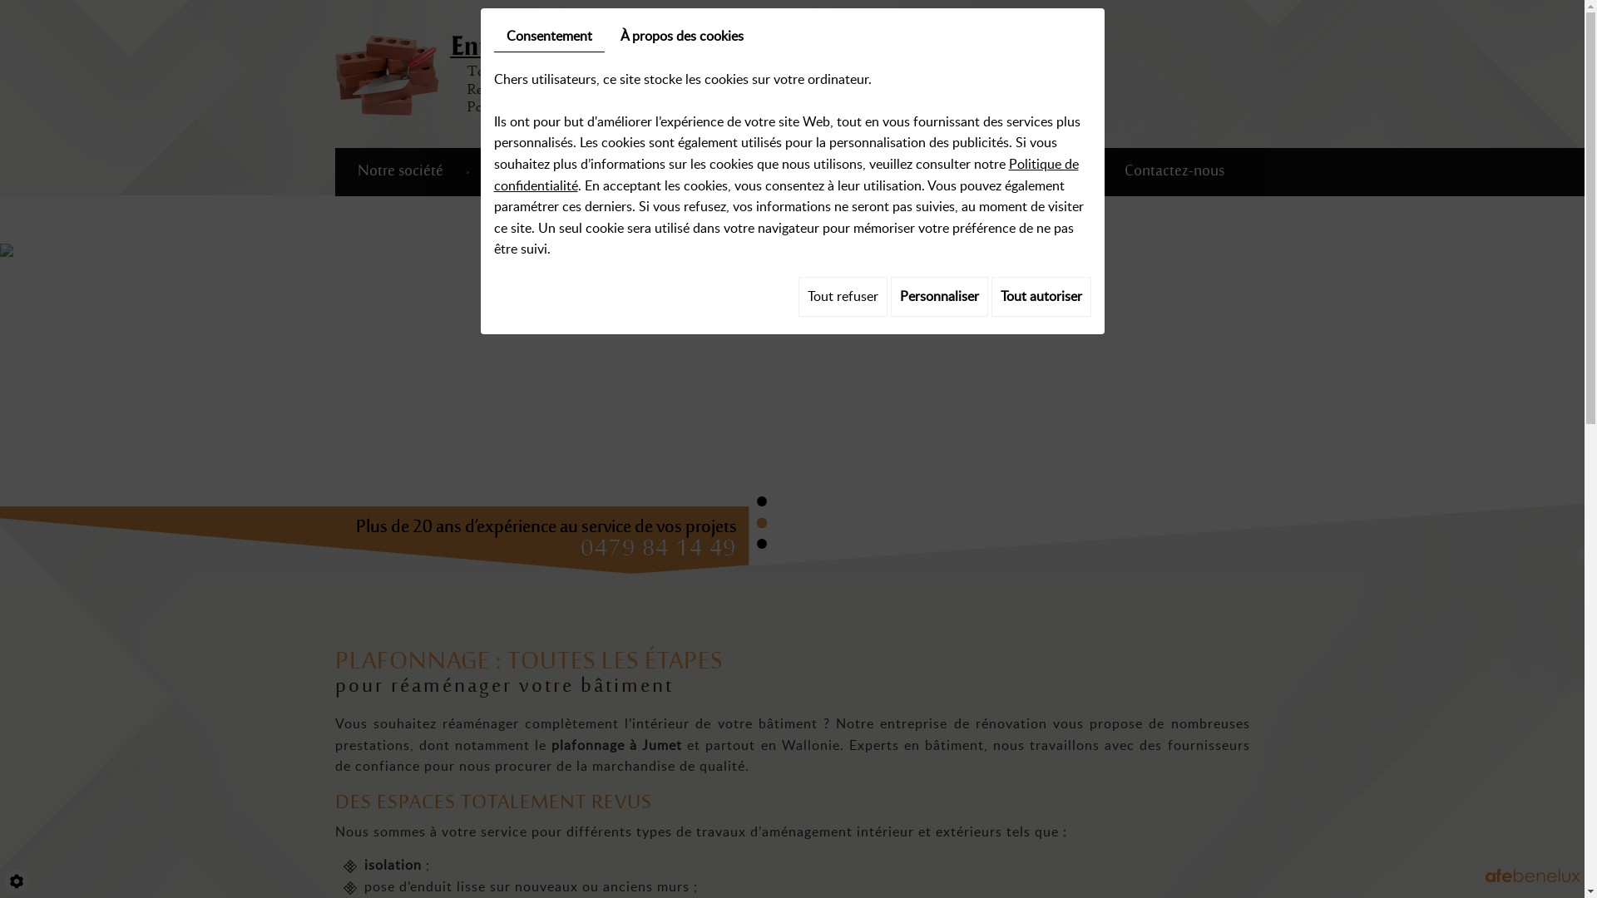  What do you see at coordinates (843, 296) in the screenshot?
I see `'Tout refuser'` at bounding box center [843, 296].